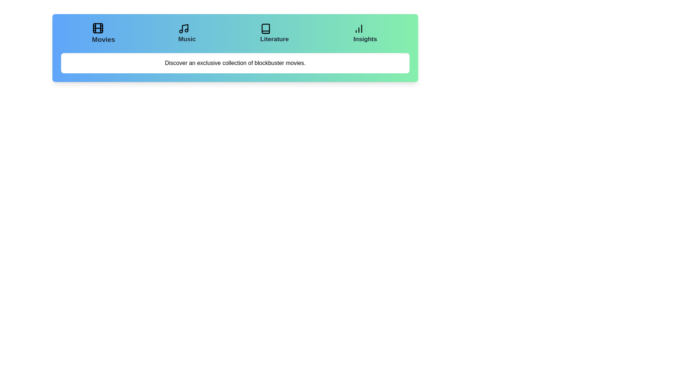  I want to click on the tab labeled Music, so click(187, 33).